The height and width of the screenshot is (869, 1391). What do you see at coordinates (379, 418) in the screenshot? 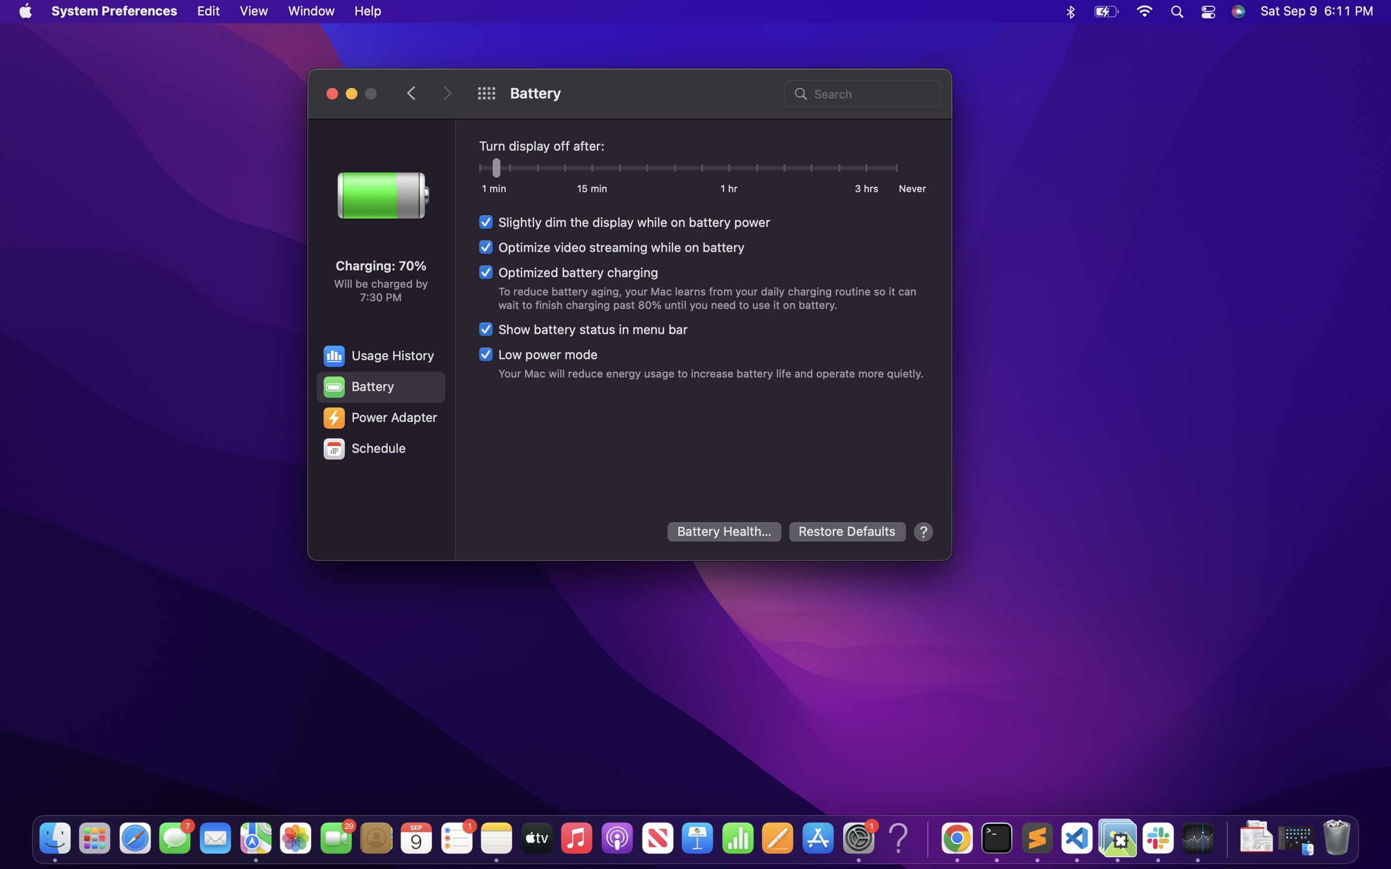
I see `the power adapter settings` at bounding box center [379, 418].